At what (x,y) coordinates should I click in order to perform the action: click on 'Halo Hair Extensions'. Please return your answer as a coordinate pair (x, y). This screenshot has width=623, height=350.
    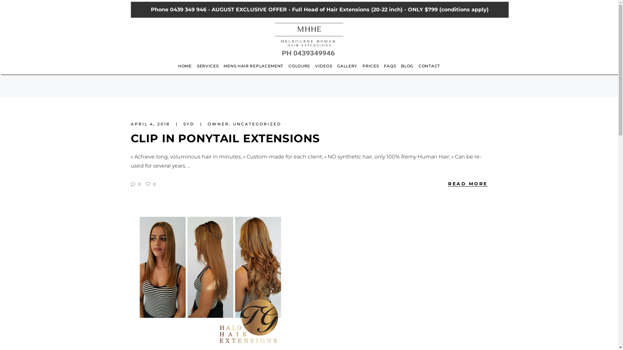
    Looking at the image, I should click on (210, 278).